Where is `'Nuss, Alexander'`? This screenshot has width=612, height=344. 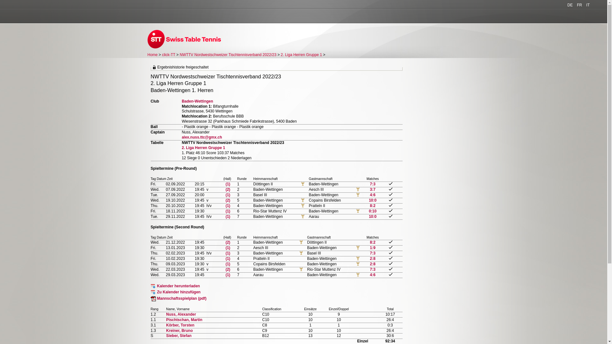
'Nuss, Alexander' is located at coordinates (180, 314).